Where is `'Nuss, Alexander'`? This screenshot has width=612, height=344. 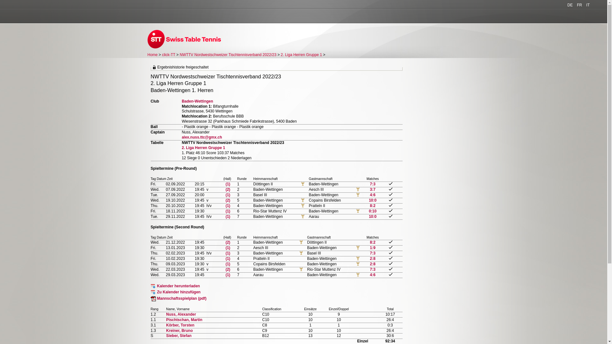
'Nuss, Alexander' is located at coordinates (180, 314).